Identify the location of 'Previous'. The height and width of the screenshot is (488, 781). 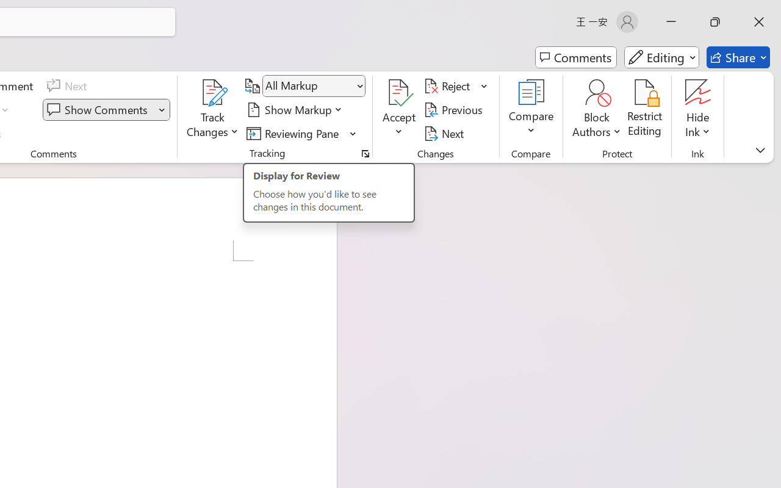
(455, 109).